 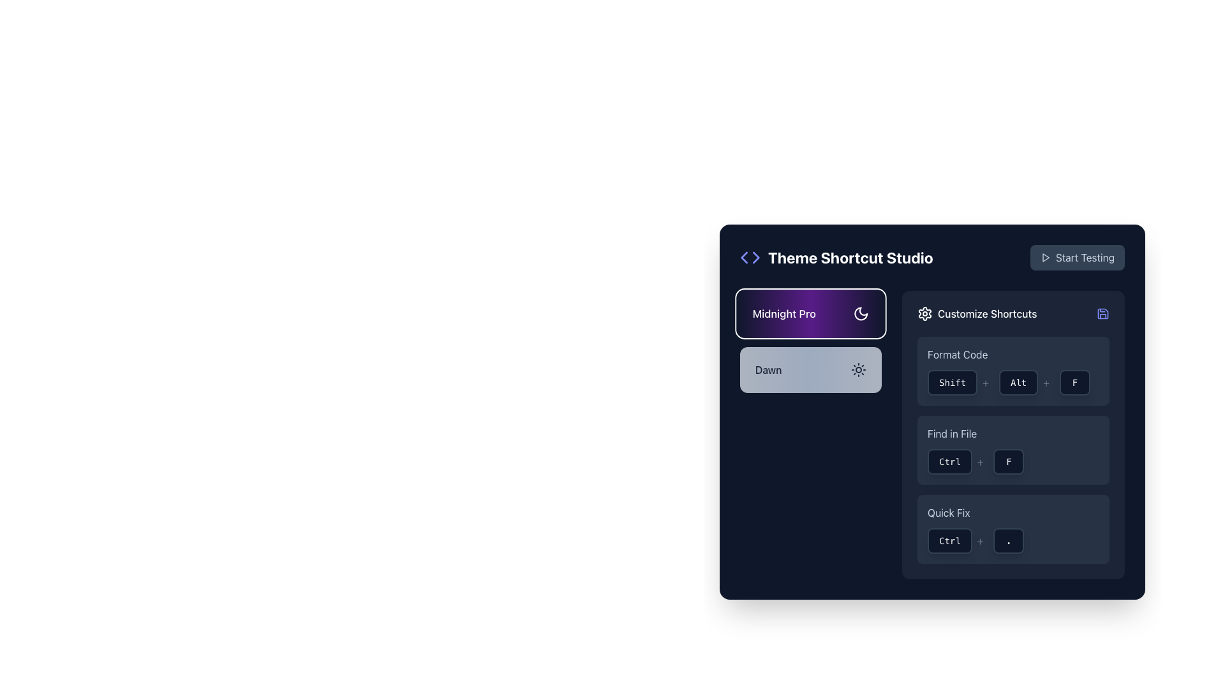 What do you see at coordinates (836, 258) in the screenshot?
I see `the heading element that serves as the title or label for the section, located at the top left side of the panel` at bounding box center [836, 258].